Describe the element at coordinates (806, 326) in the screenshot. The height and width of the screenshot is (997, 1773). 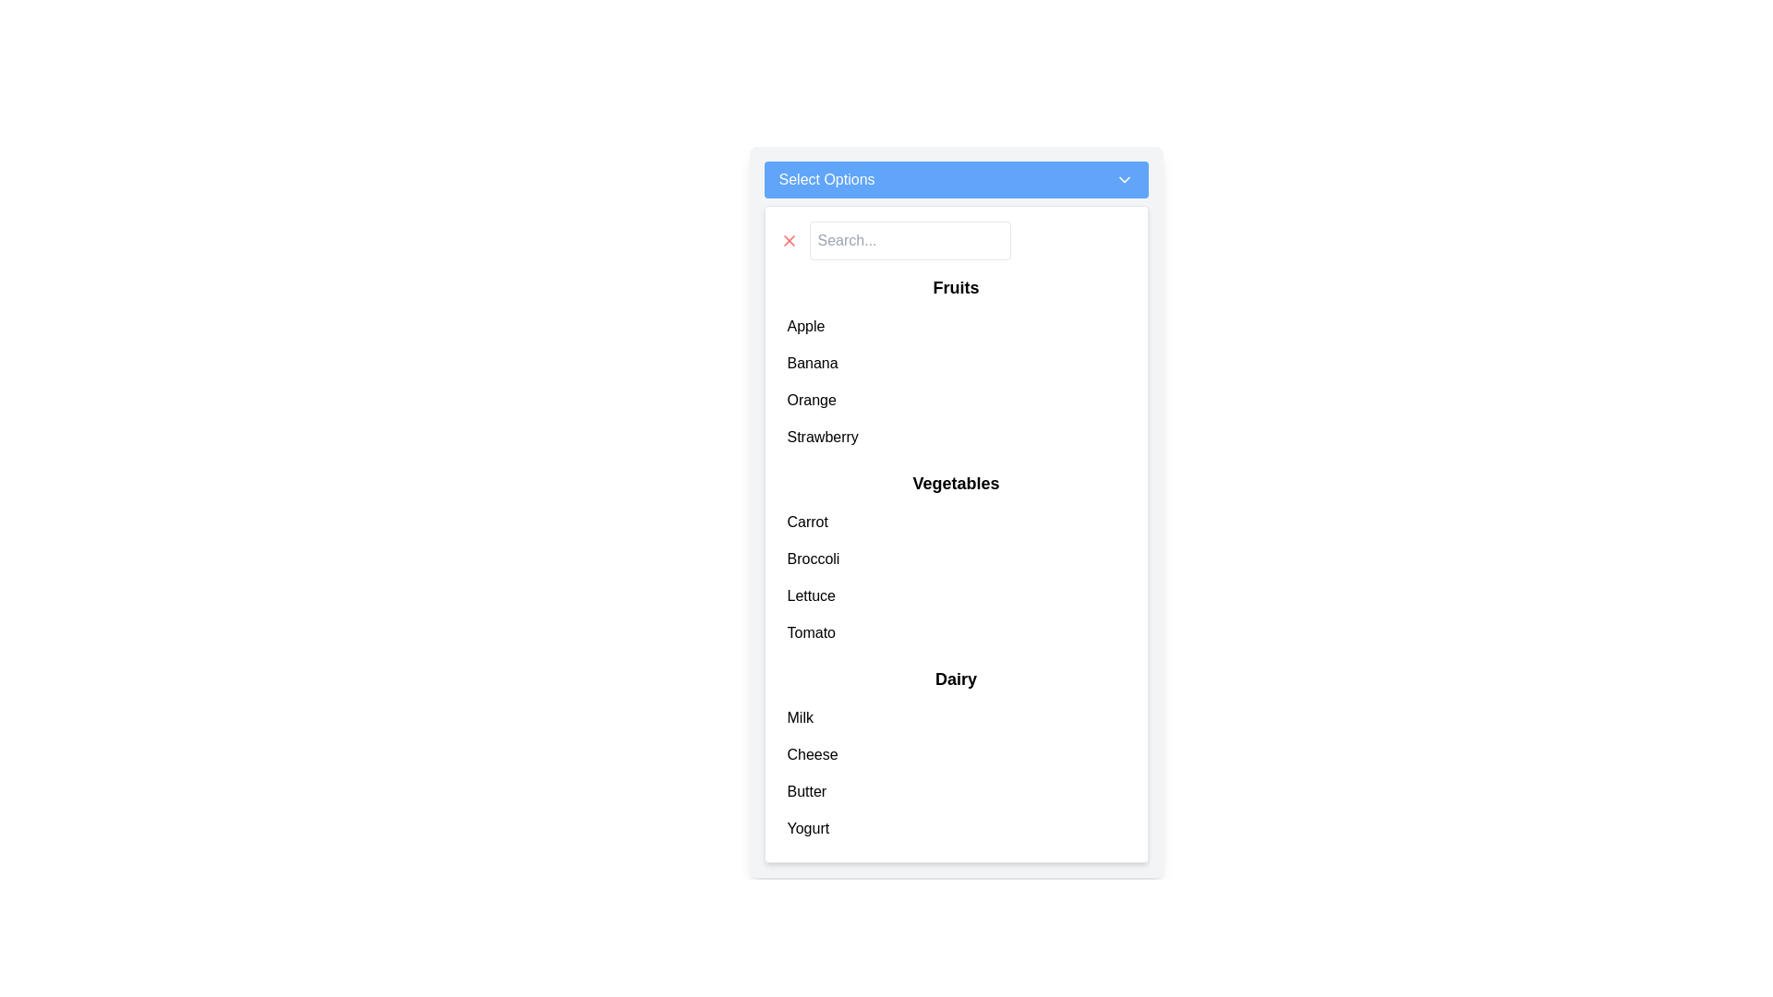
I see `the 'Apple' option in the dropdown list under the 'Fruits' section` at that location.